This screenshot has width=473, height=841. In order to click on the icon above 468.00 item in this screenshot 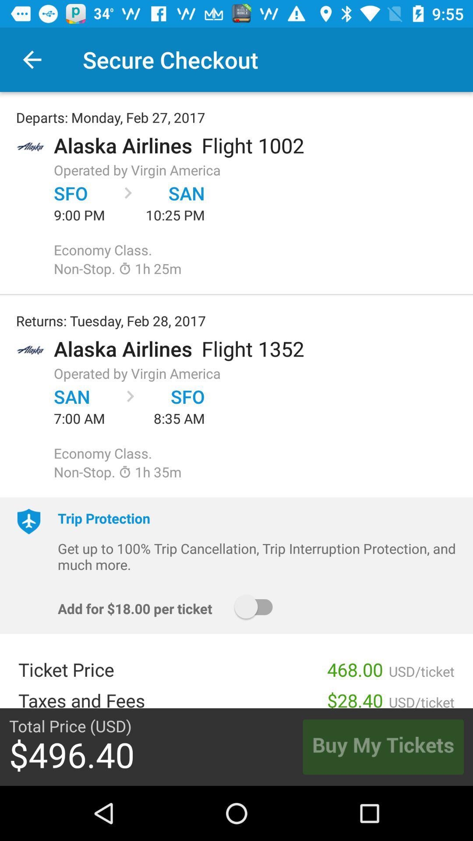, I will do `click(257, 606)`.